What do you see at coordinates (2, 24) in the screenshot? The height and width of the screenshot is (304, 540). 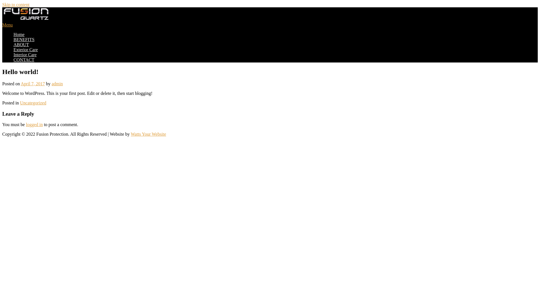 I see `'Menu'` at bounding box center [2, 24].